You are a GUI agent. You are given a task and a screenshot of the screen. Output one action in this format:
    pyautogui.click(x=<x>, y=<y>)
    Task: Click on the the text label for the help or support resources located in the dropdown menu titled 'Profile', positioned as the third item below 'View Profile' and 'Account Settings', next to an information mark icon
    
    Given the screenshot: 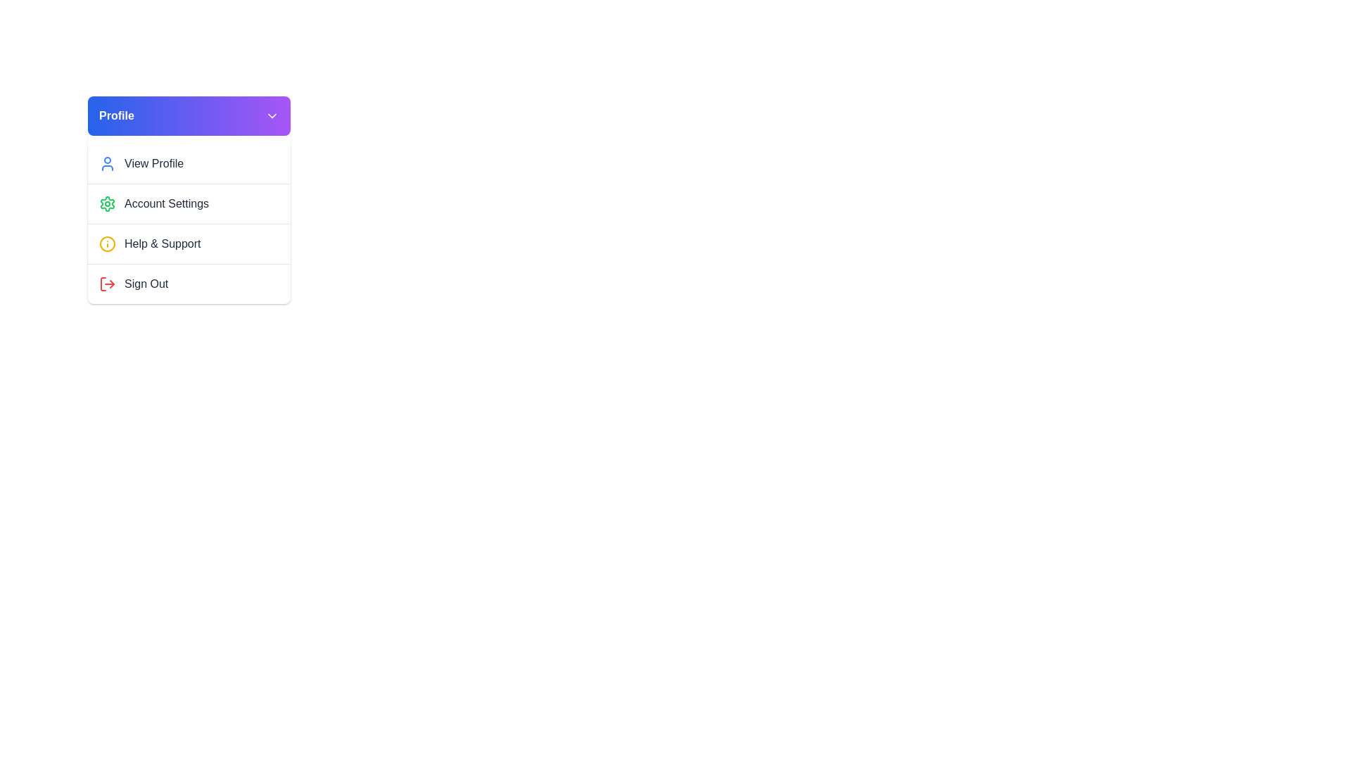 What is the action you would take?
    pyautogui.click(x=163, y=243)
    